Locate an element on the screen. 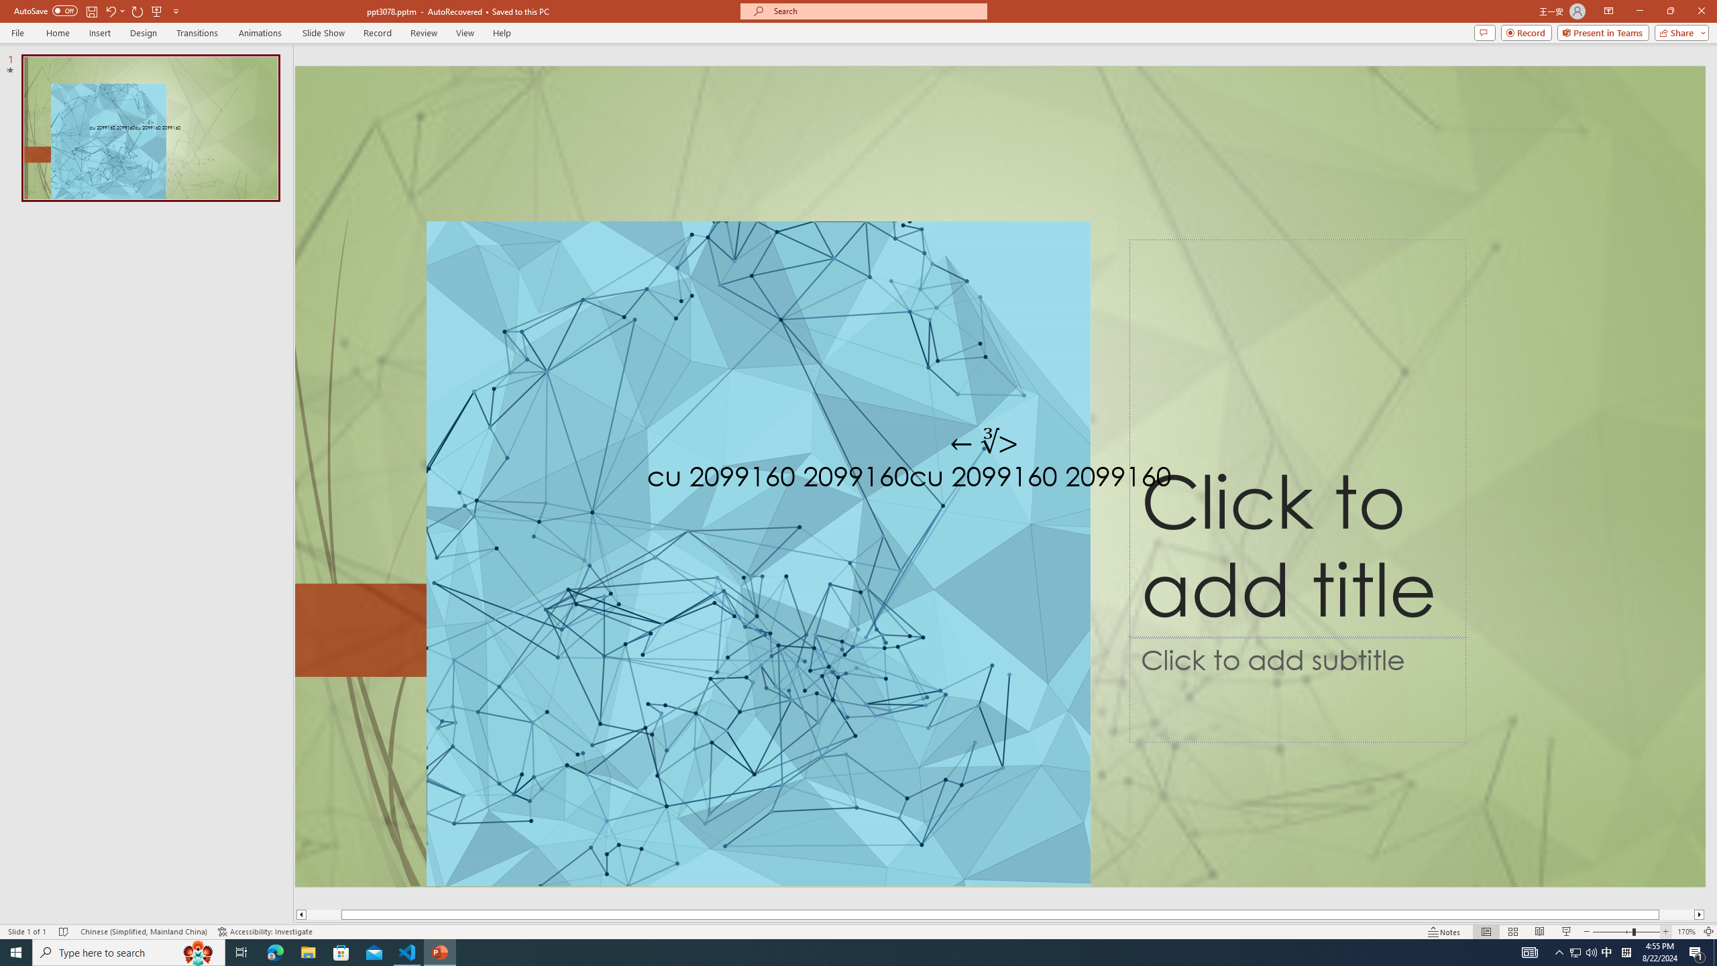  'Insert' is located at coordinates (99, 33).